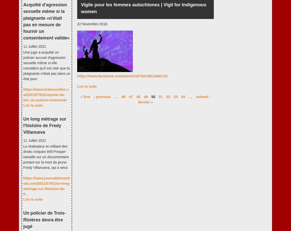  I want to click on 'Vigile pour les femmes autochtones | Vigil for Indigenous women', so click(81, 8).